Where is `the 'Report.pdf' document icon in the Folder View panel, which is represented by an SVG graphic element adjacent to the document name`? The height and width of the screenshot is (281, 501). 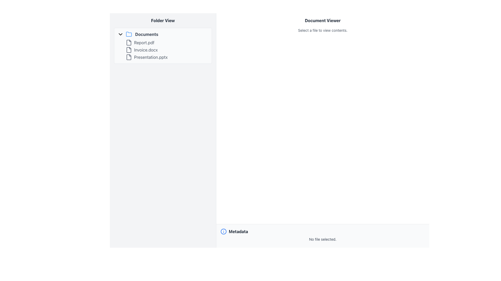
the 'Report.pdf' document icon in the Folder View panel, which is represented by an SVG graphic element adjacent to the document name is located at coordinates (129, 42).